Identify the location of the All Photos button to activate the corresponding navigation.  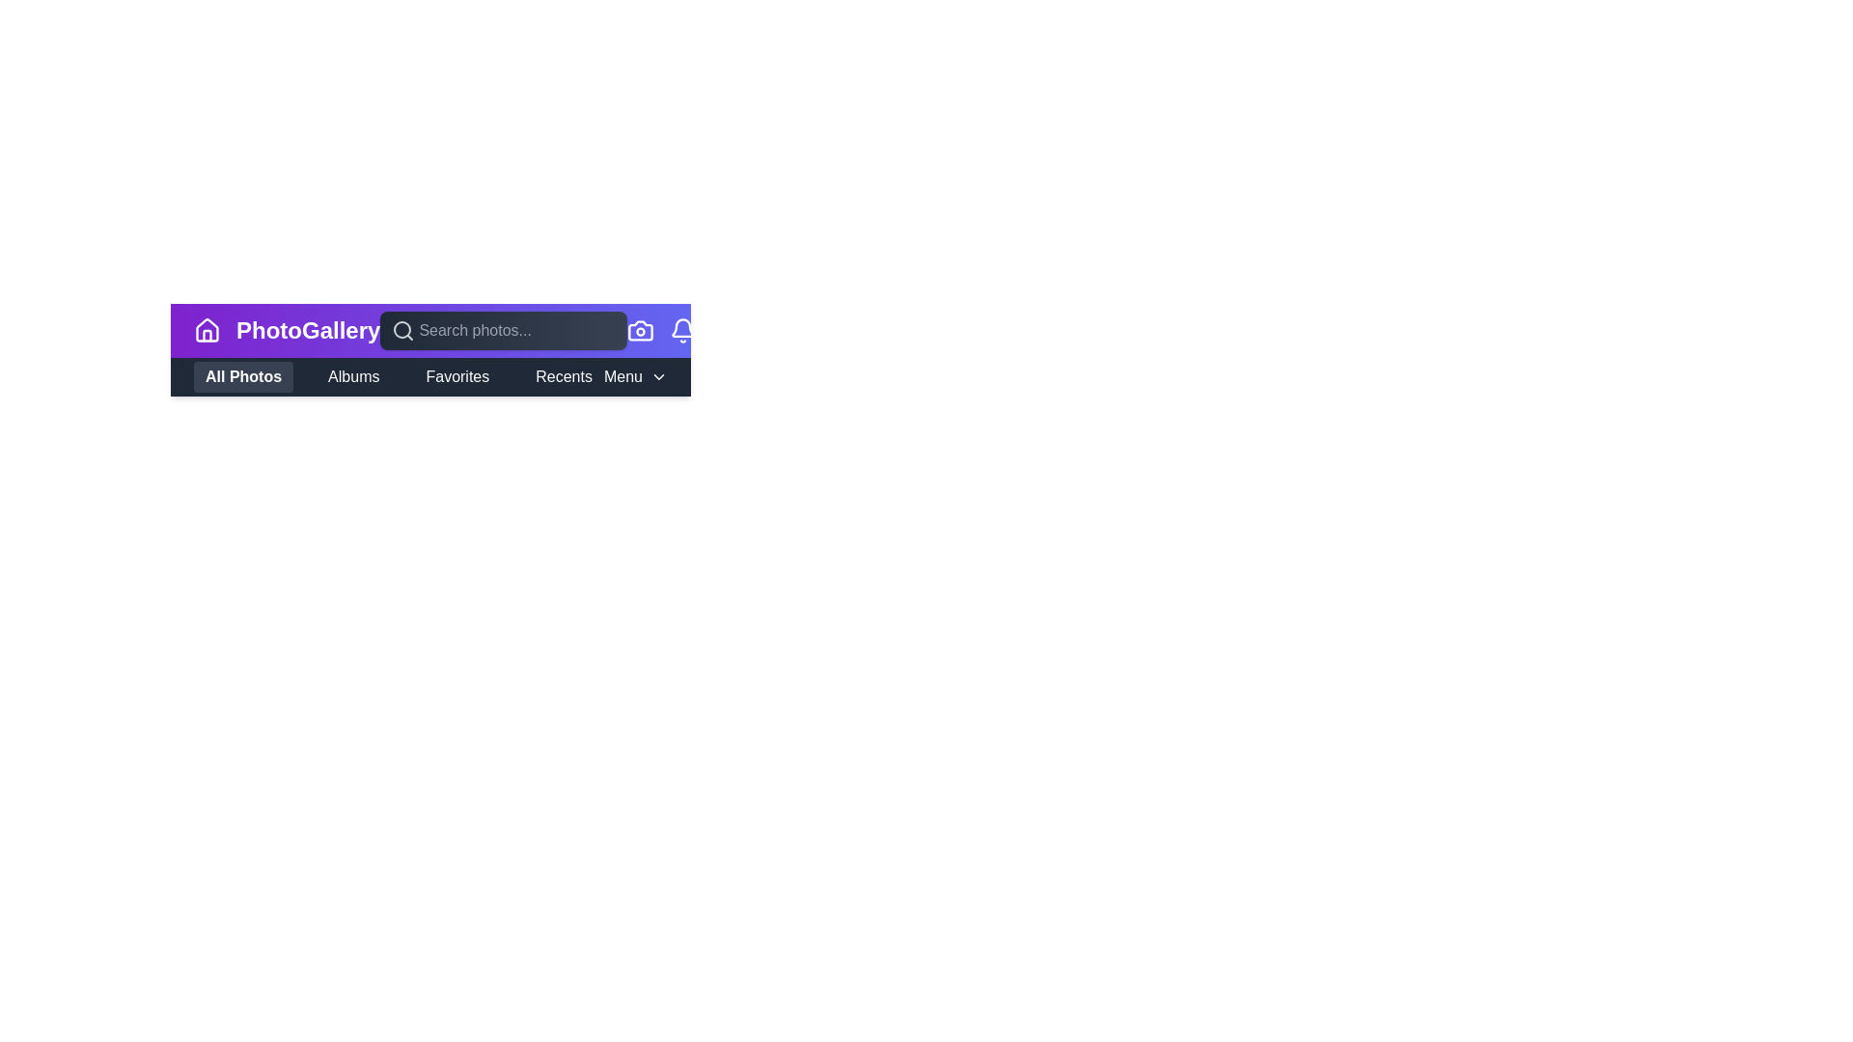
(242, 376).